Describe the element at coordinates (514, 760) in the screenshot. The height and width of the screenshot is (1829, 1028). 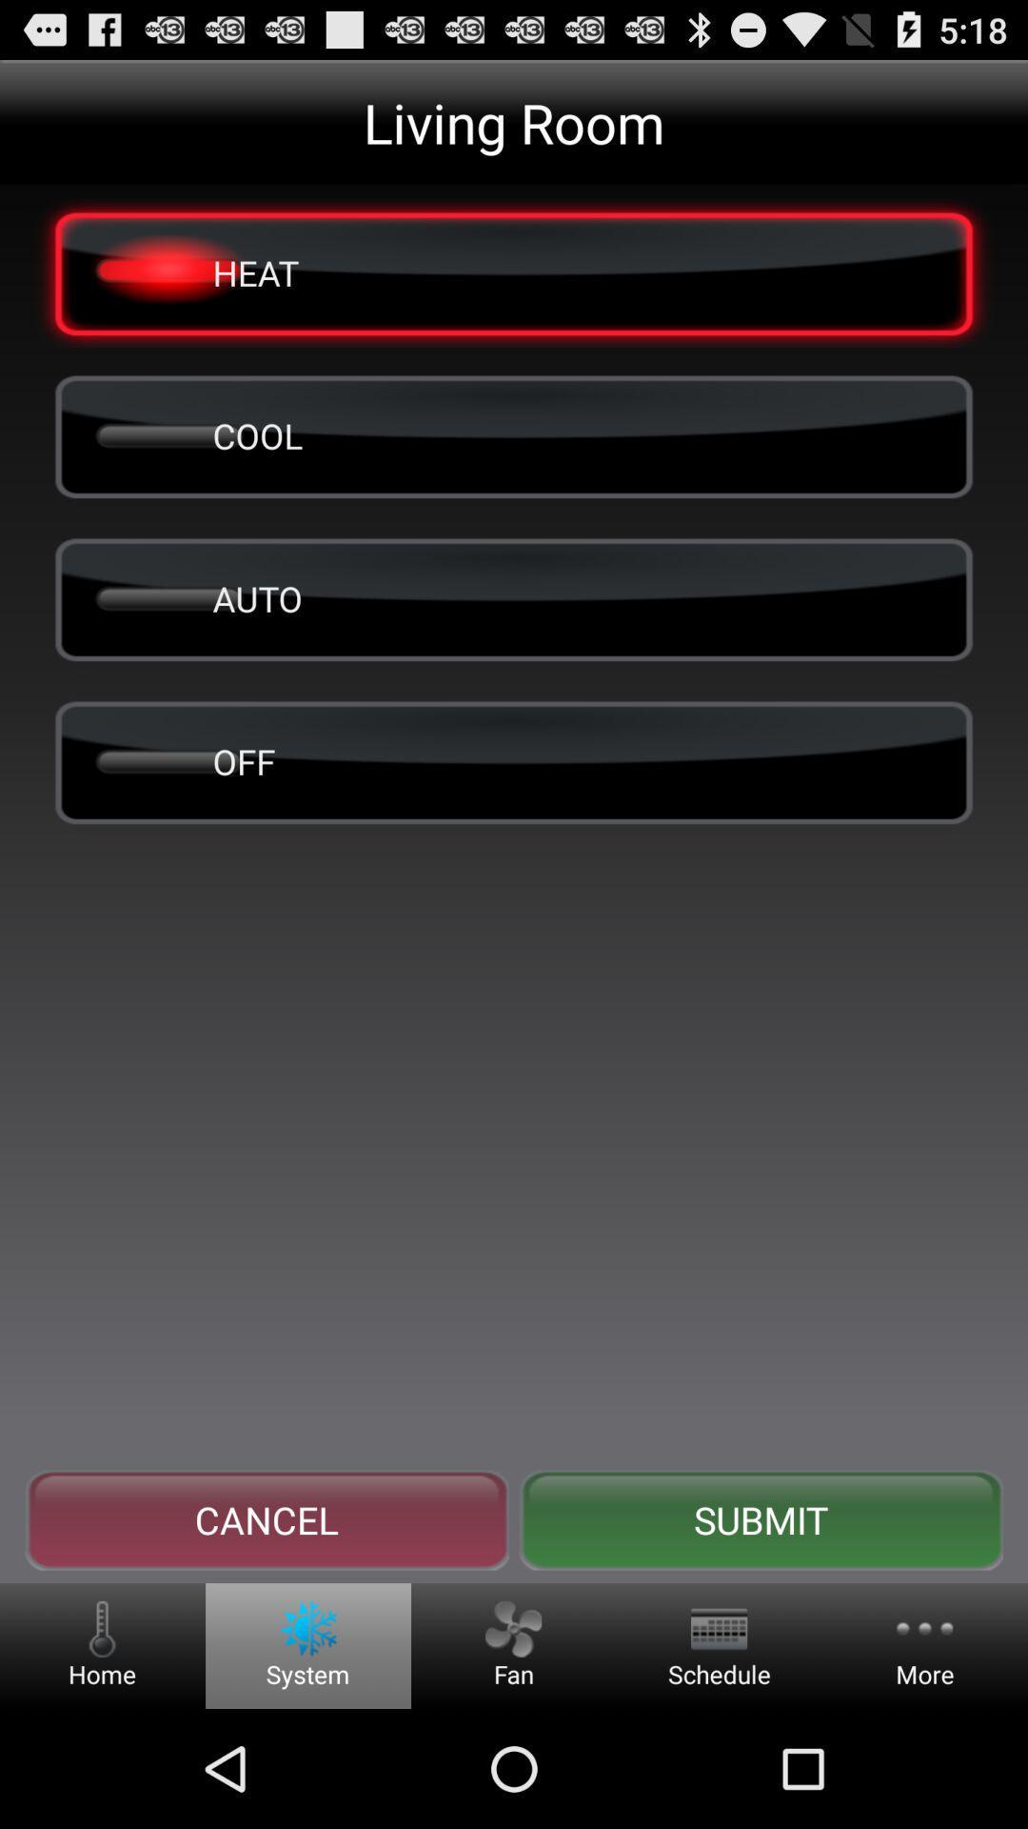
I see `off item` at that location.